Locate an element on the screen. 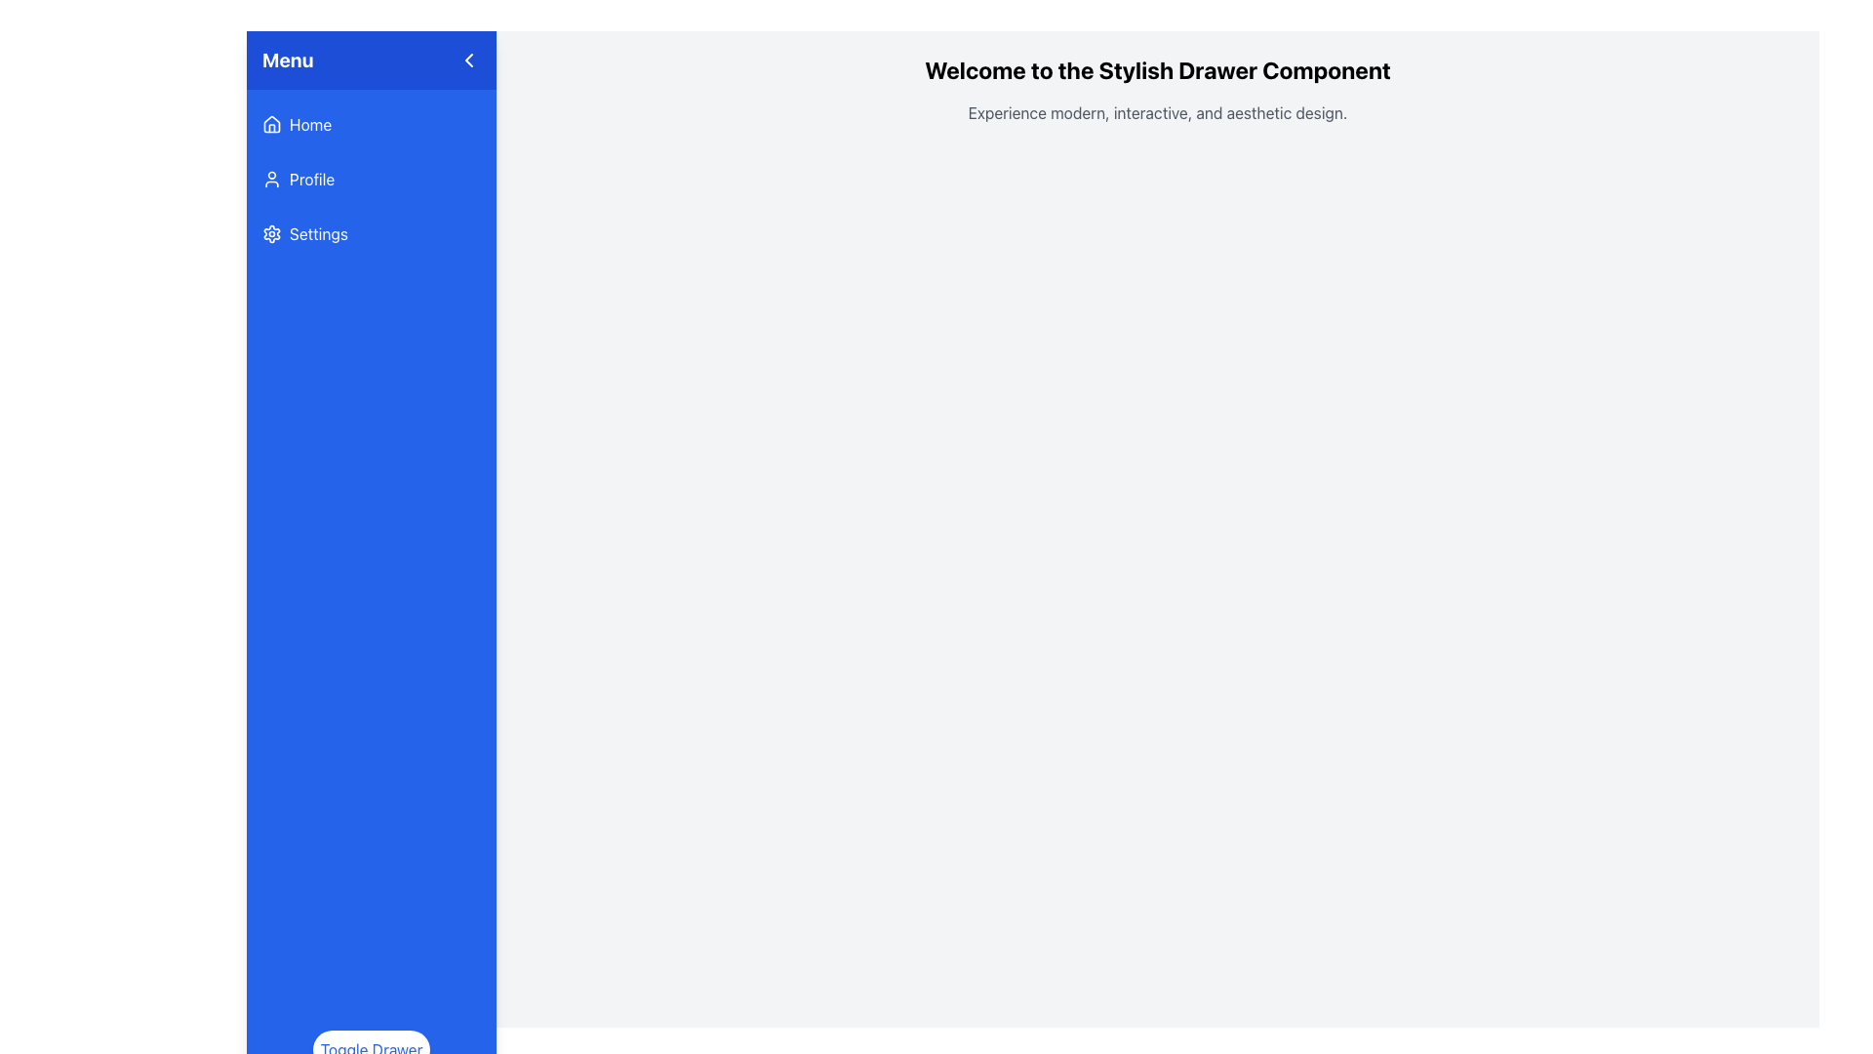 The image size is (1873, 1054). the gear-based settings icon located to the left side of the interface adjacent to the 'Settings' label is located at coordinates (270, 232).